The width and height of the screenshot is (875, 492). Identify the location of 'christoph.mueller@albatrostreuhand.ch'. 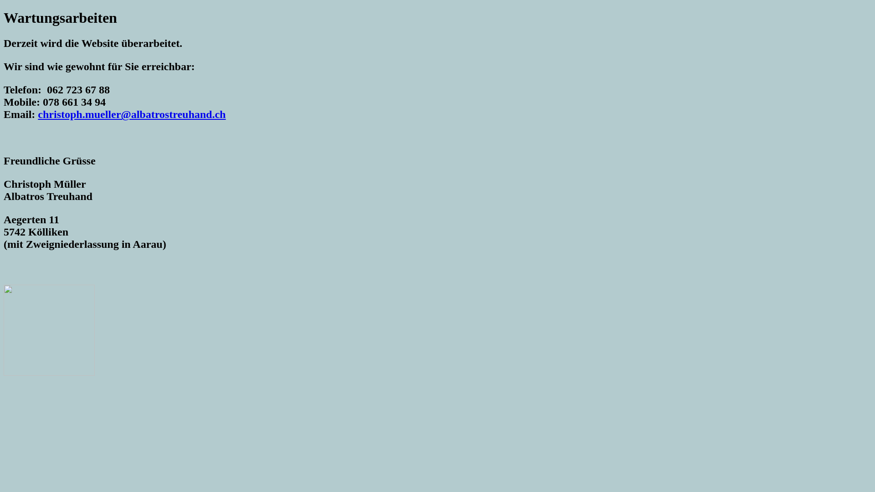
(131, 113).